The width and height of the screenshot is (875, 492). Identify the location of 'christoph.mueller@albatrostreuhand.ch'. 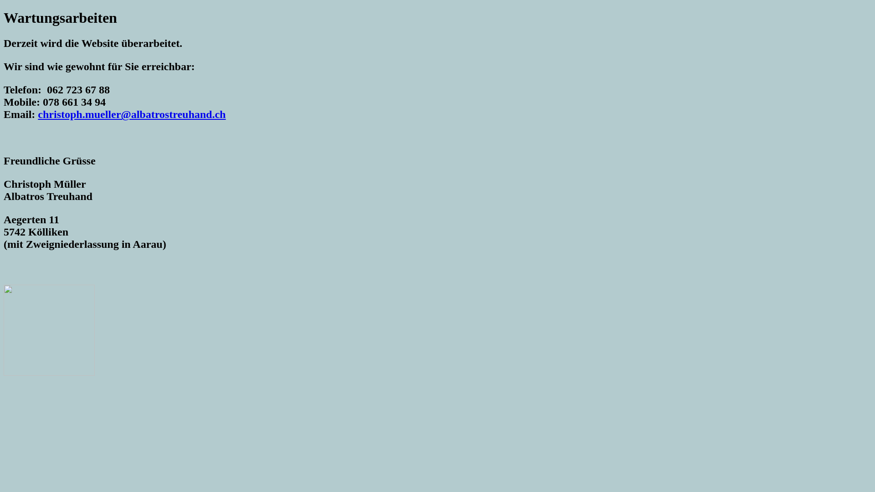
(131, 113).